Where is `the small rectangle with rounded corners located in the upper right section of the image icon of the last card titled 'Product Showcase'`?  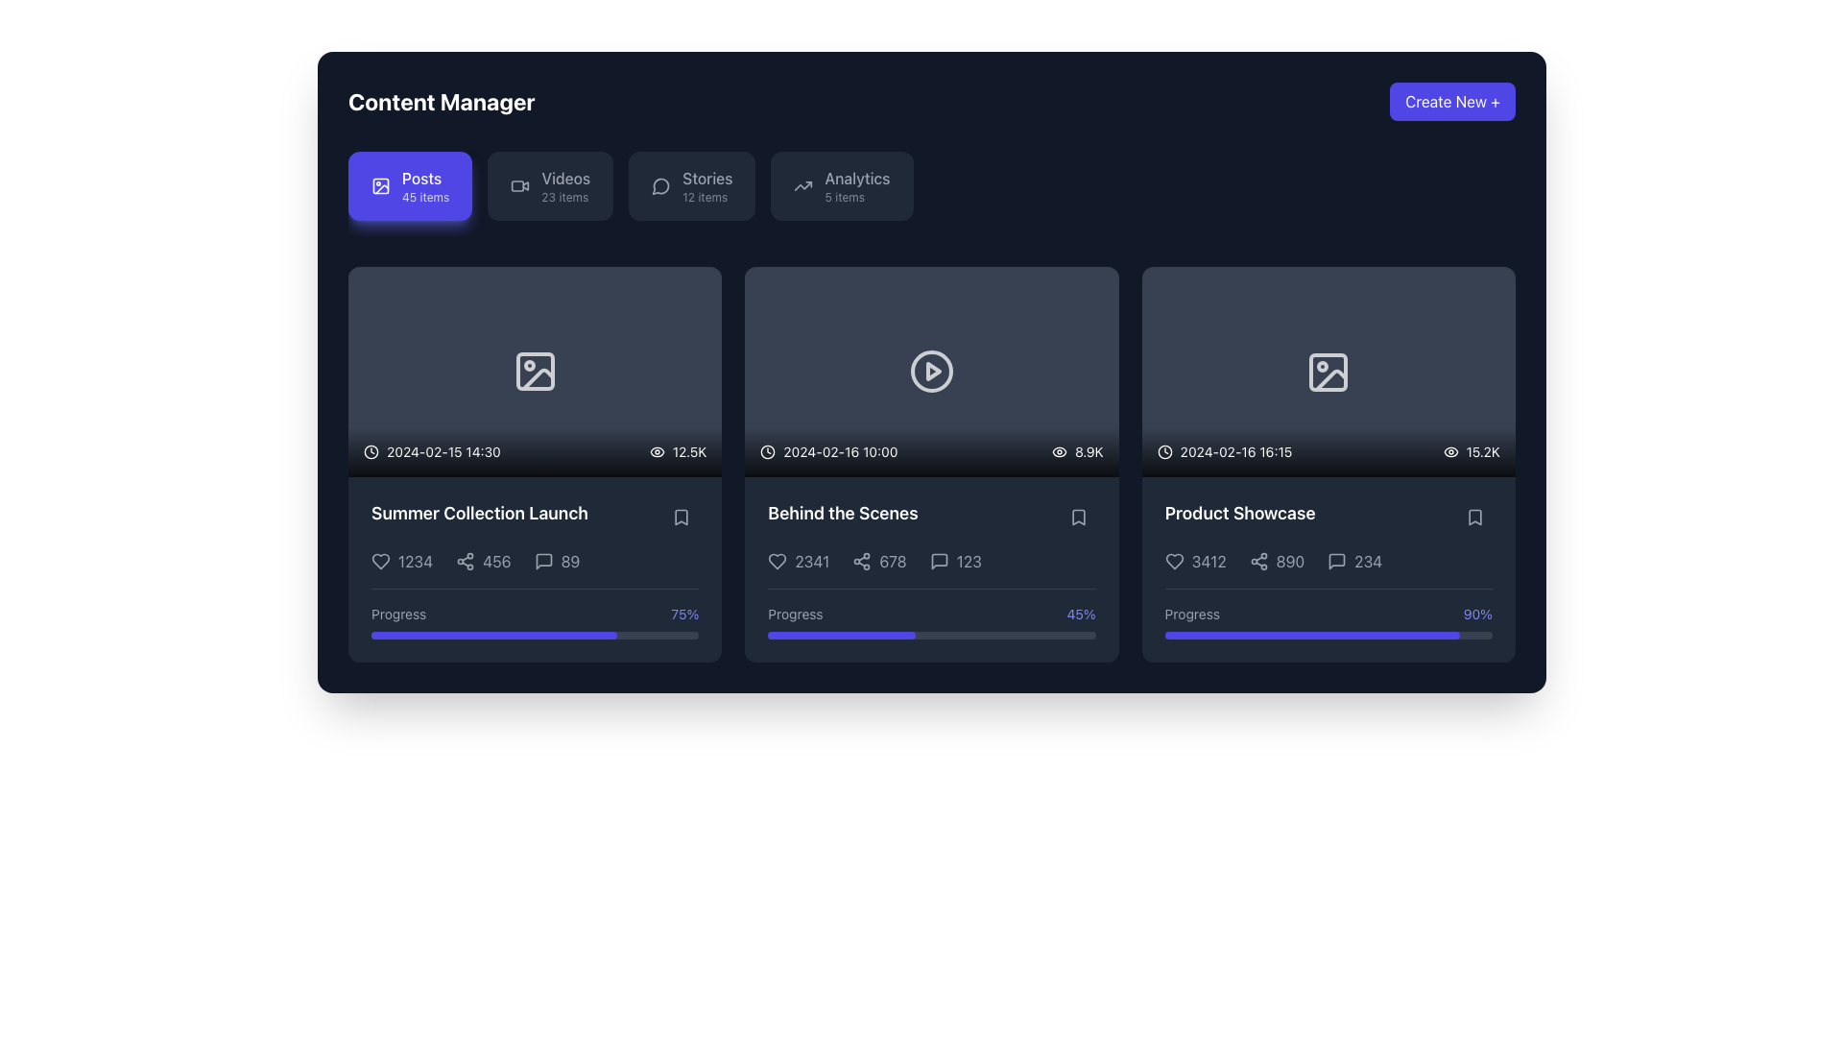 the small rectangle with rounded corners located in the upper right section of the image icon of the last card titled 'Product Showcase' is located at coordinates (1328, 372).